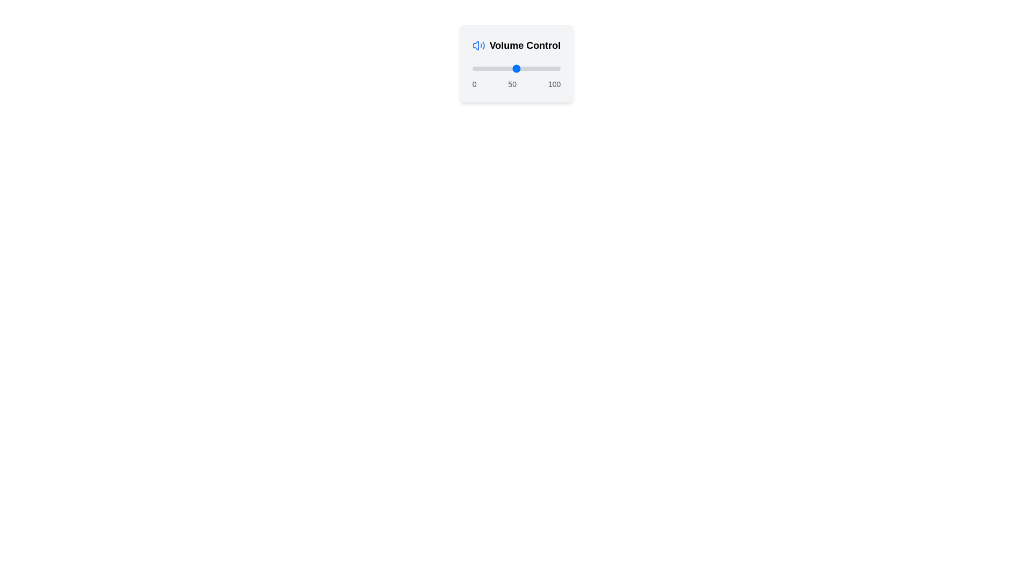 The image size is (1031, 580). What do you see at coordinates (543, 68) in the screenshot?
I see `the volume` at bounding box center [543, 68].